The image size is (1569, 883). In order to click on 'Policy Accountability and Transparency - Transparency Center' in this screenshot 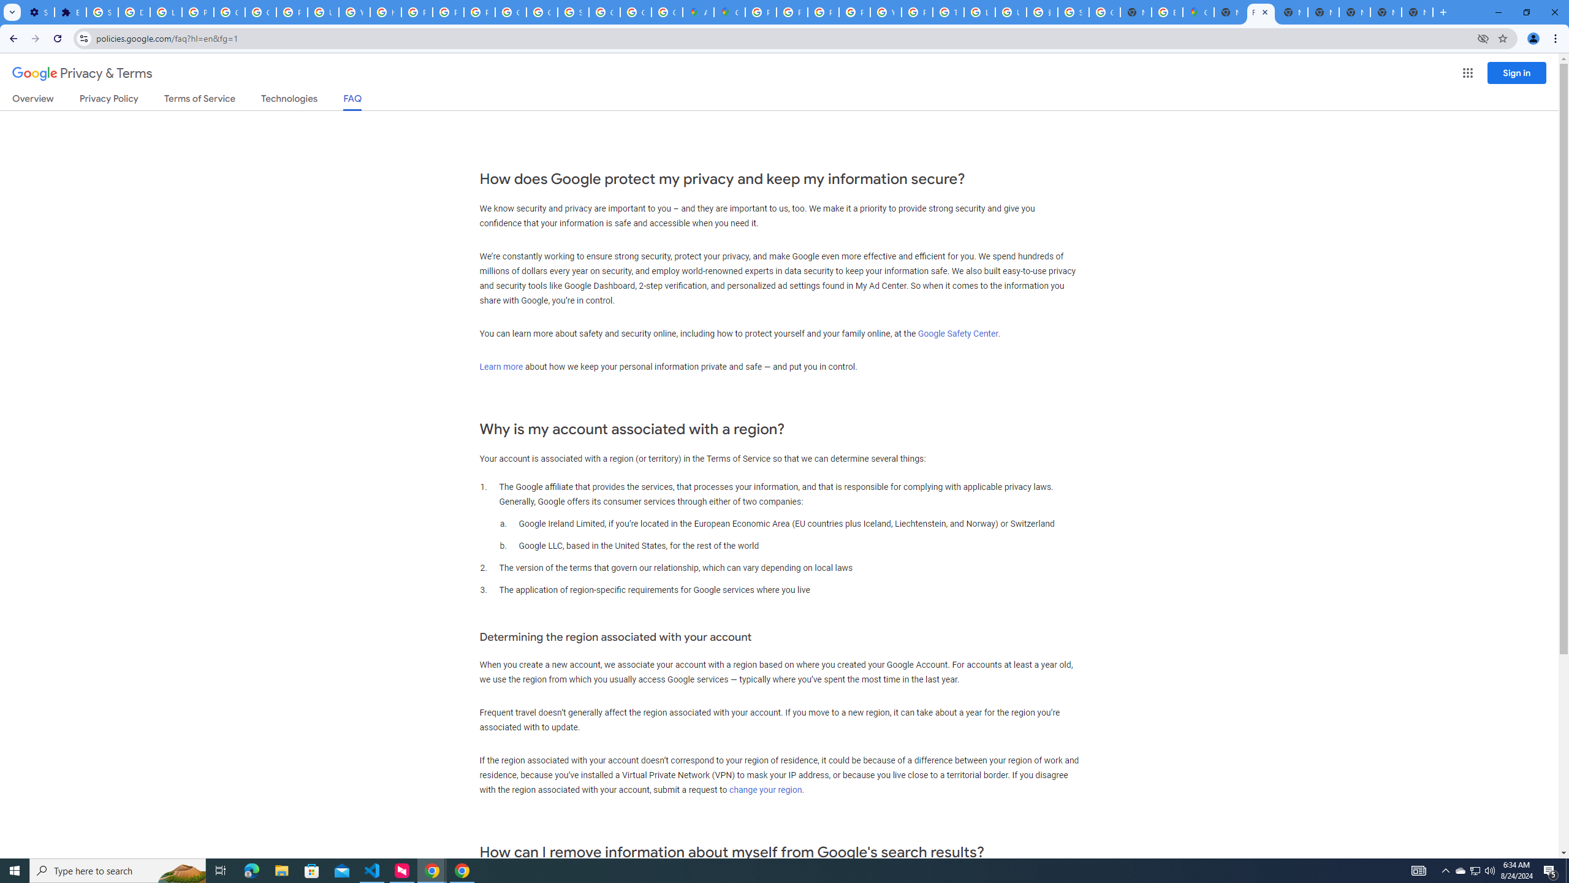, I will do `click(759, 12)`.